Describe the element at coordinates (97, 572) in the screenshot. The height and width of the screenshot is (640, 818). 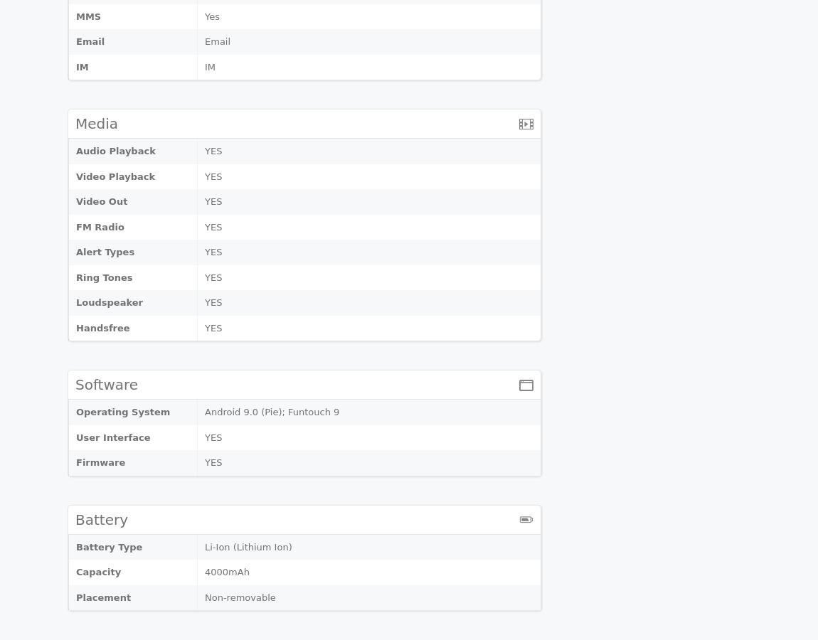
I see `'Capacity'` at that location.